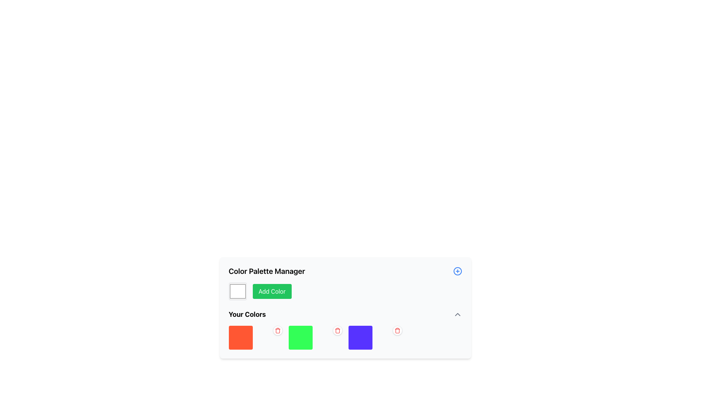 The width and height of the screenshot is (718, 403). I want to click on the delete button located in the 'Your Colors' section, immediately to the right of the green square color block, so click(277, 331).